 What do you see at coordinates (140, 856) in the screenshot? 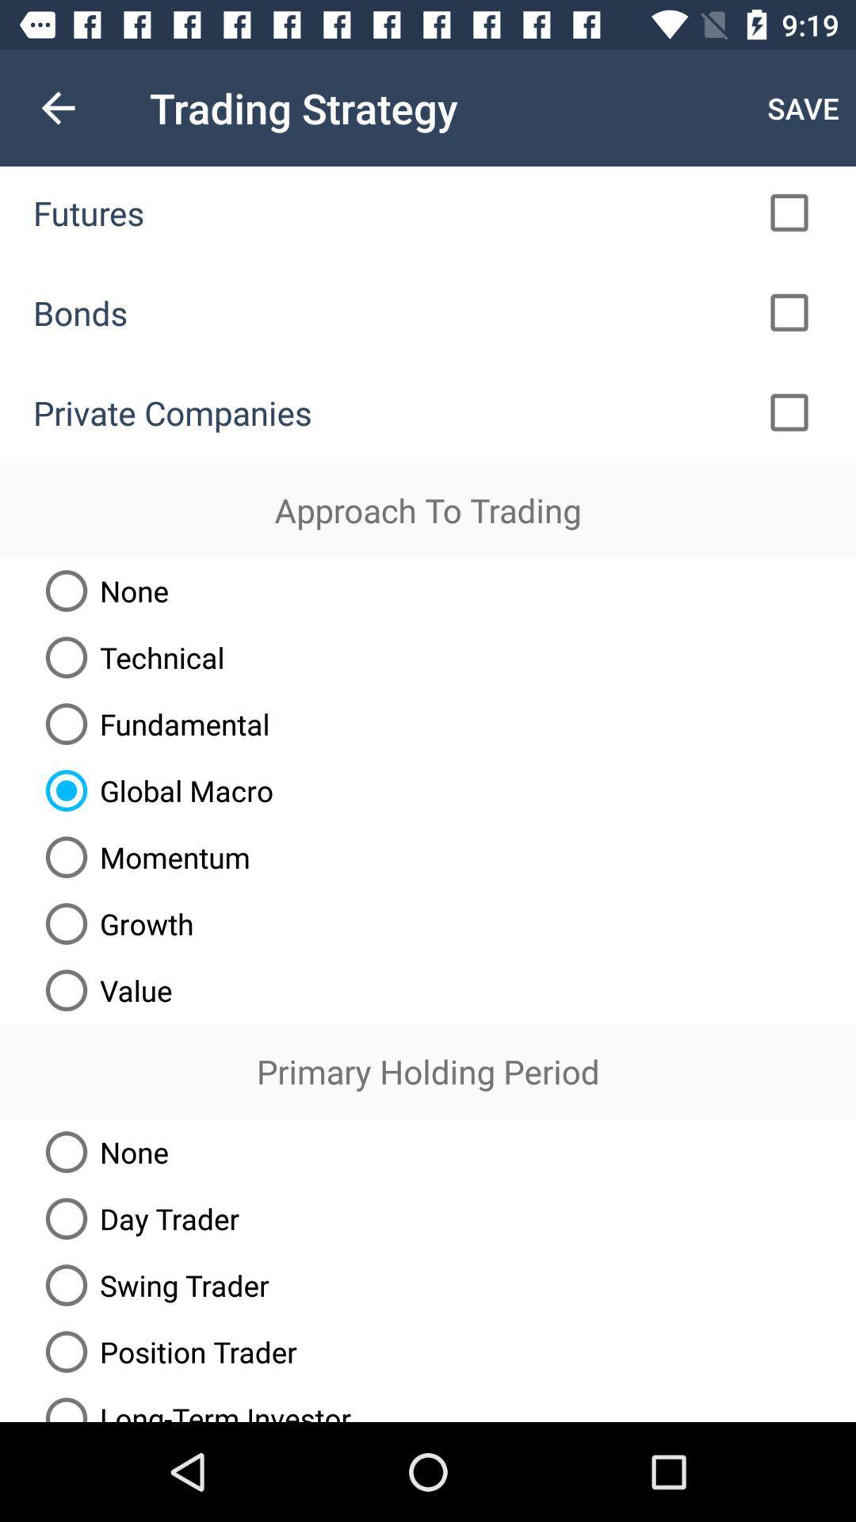
I see `the momentum icon` at bounding box center [140, 856].